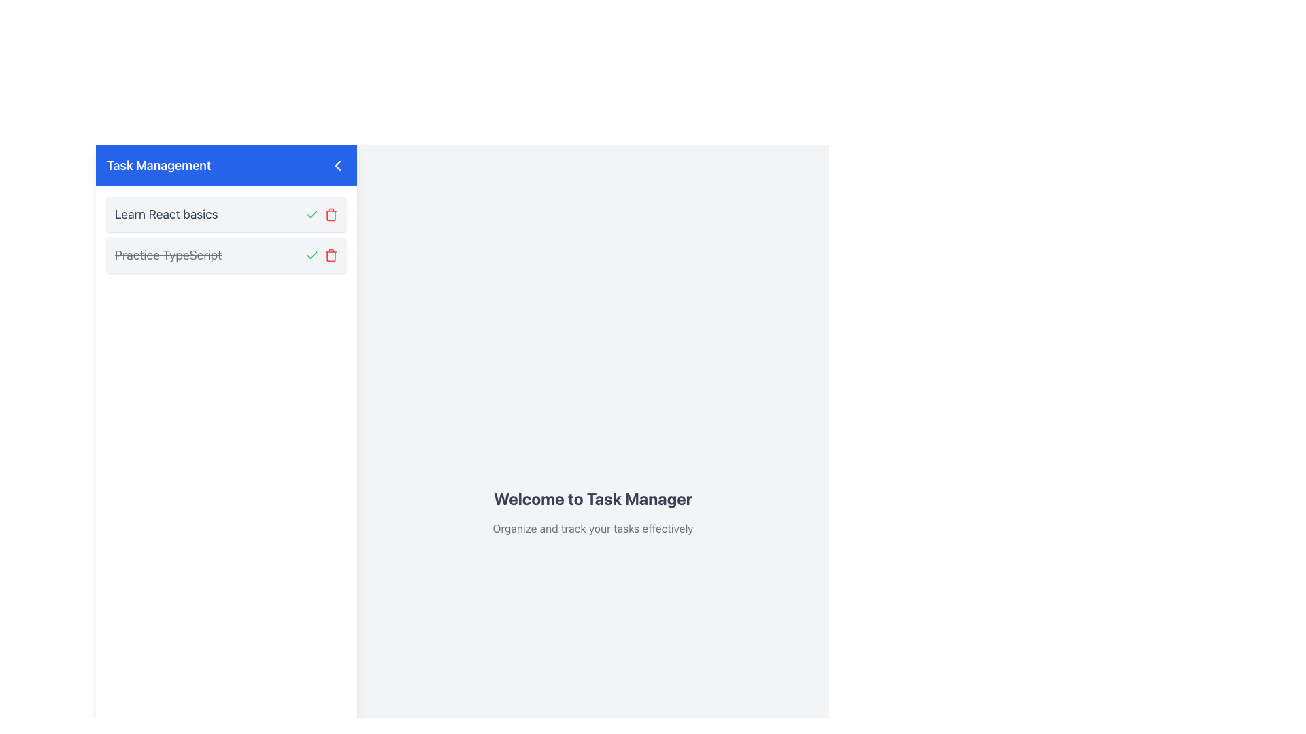 The image size is (1306, 734). I want to click on the text element displaying 'Practice TypeScript' with a strikethrough style, indicating a completed task, located in the second task row under the 'Task Management' section, so click(167, 255).